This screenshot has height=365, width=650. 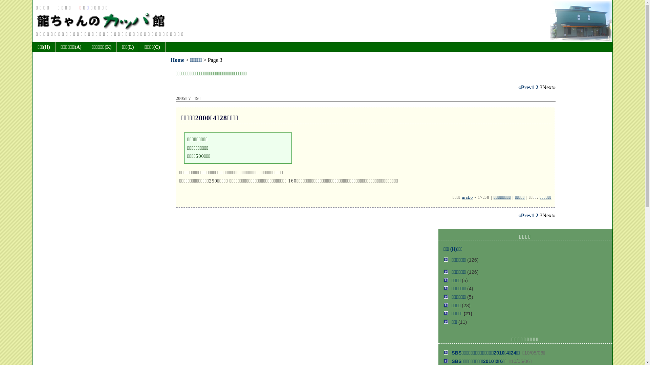 I want to click on '2', so click(x=536, y=87).